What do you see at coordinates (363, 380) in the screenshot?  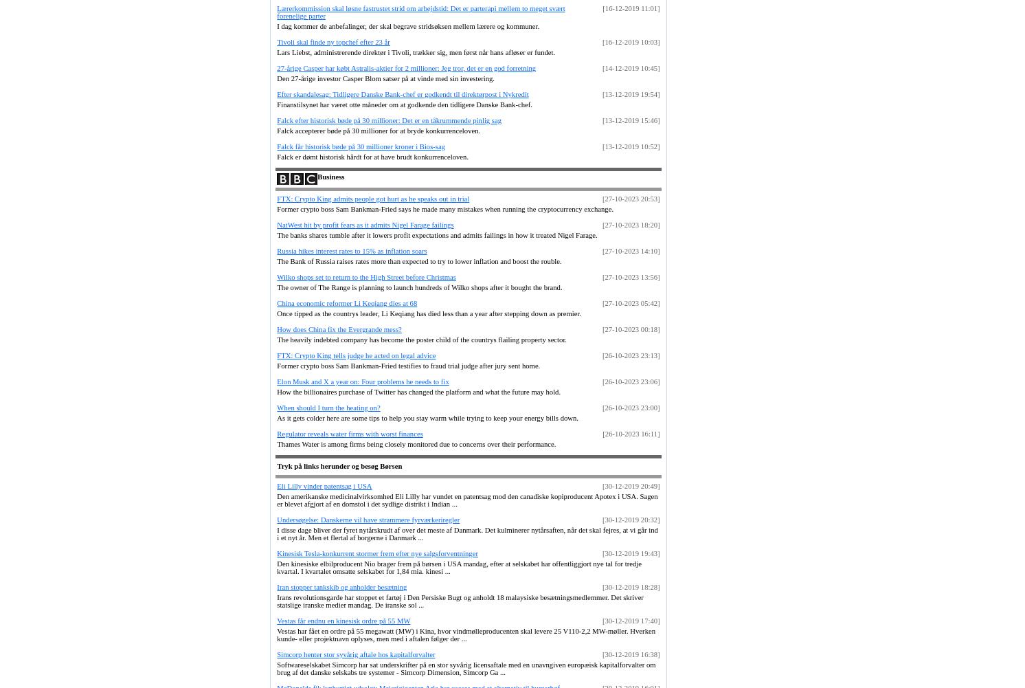 I see `'Elon Musk and X a year on: Four problems he needs to fix'` at bounding box center [363, 380].